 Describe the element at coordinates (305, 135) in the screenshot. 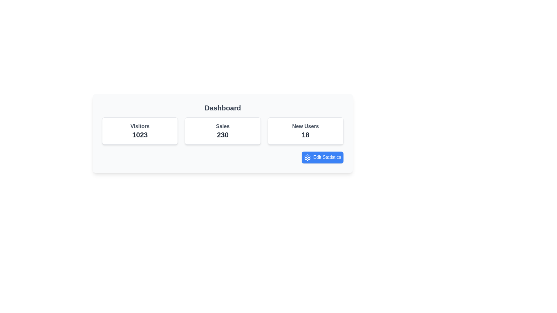

I see `the static text displaying the numerical value '18' related to the 'New Users' label, located beneath the 'New Users' label in the bottom-right portion of the card layout` at that location.